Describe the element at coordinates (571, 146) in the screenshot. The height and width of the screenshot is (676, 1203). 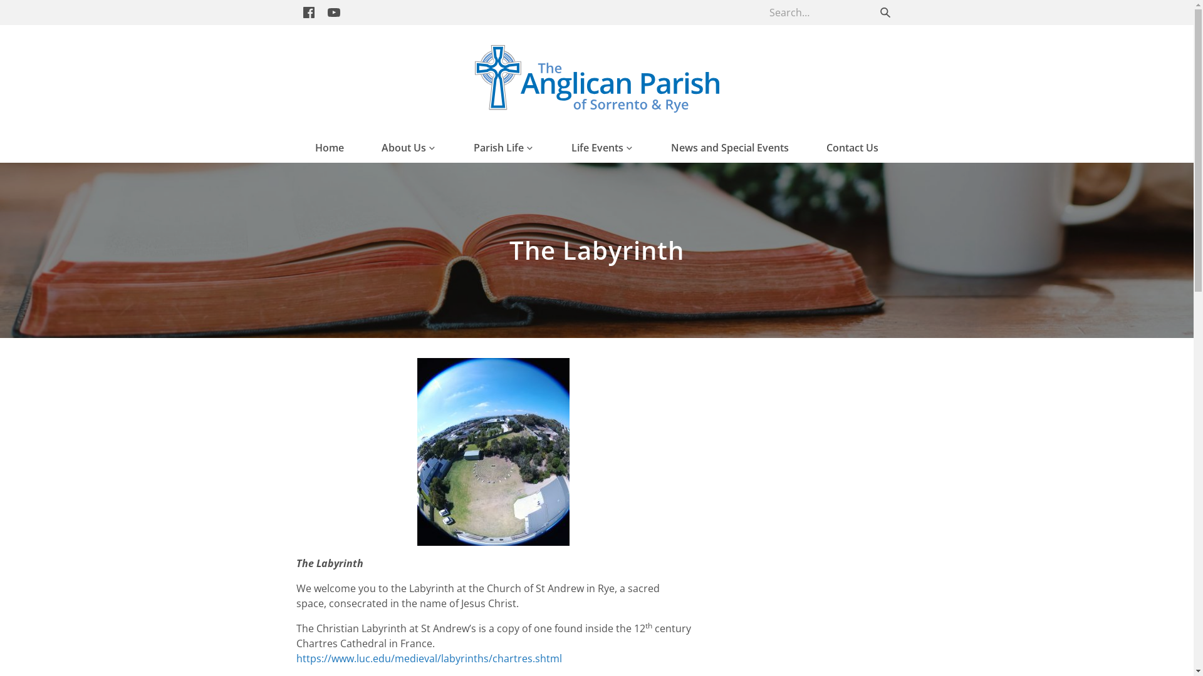
I see `'Life Events'` at that location.